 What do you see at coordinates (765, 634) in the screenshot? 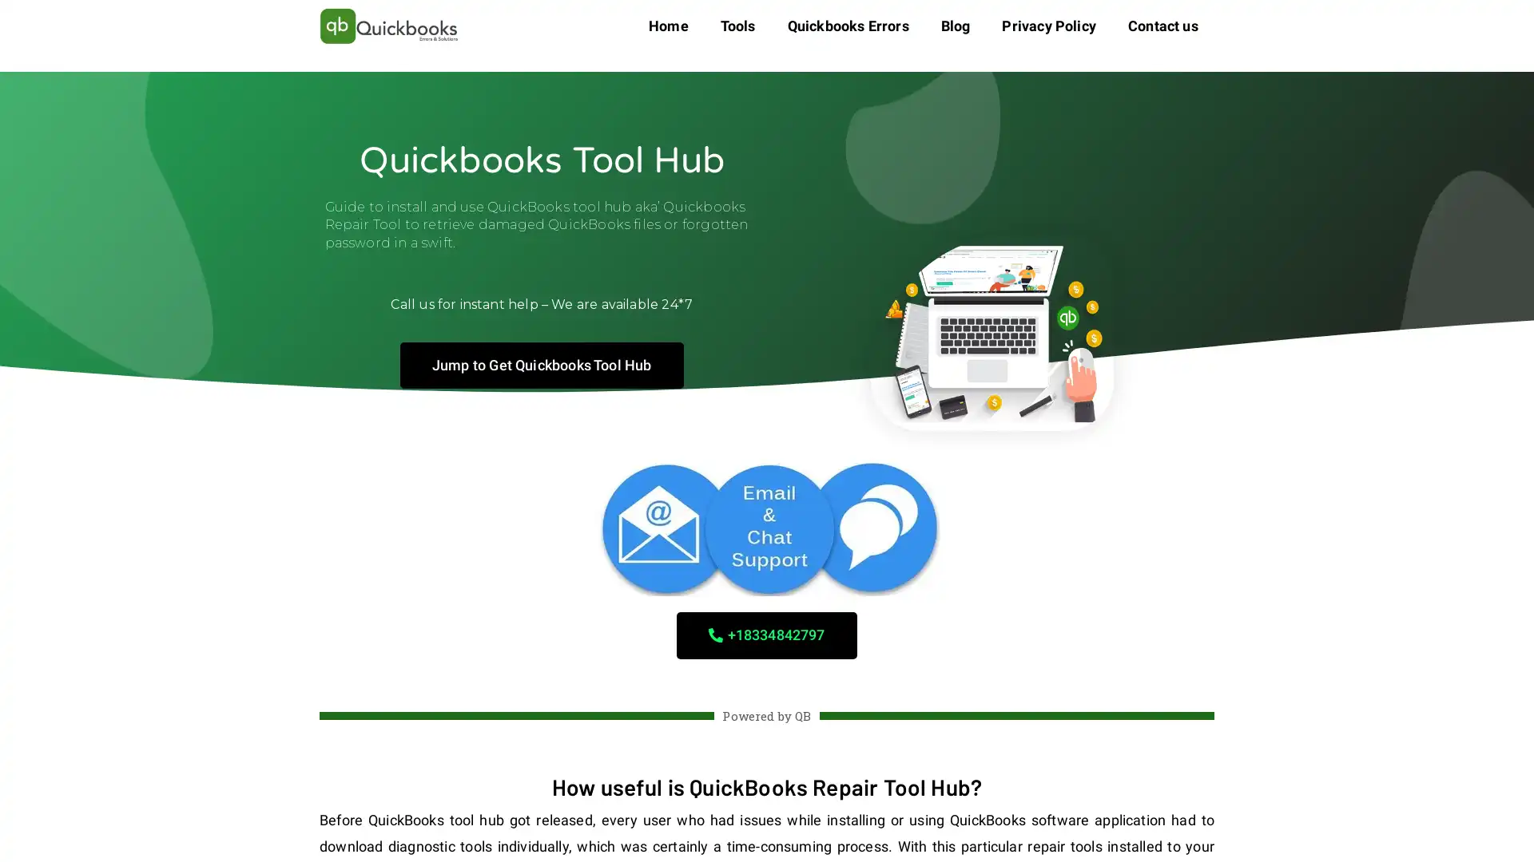
I see `+18334842797` at bounding box center [765, 634].